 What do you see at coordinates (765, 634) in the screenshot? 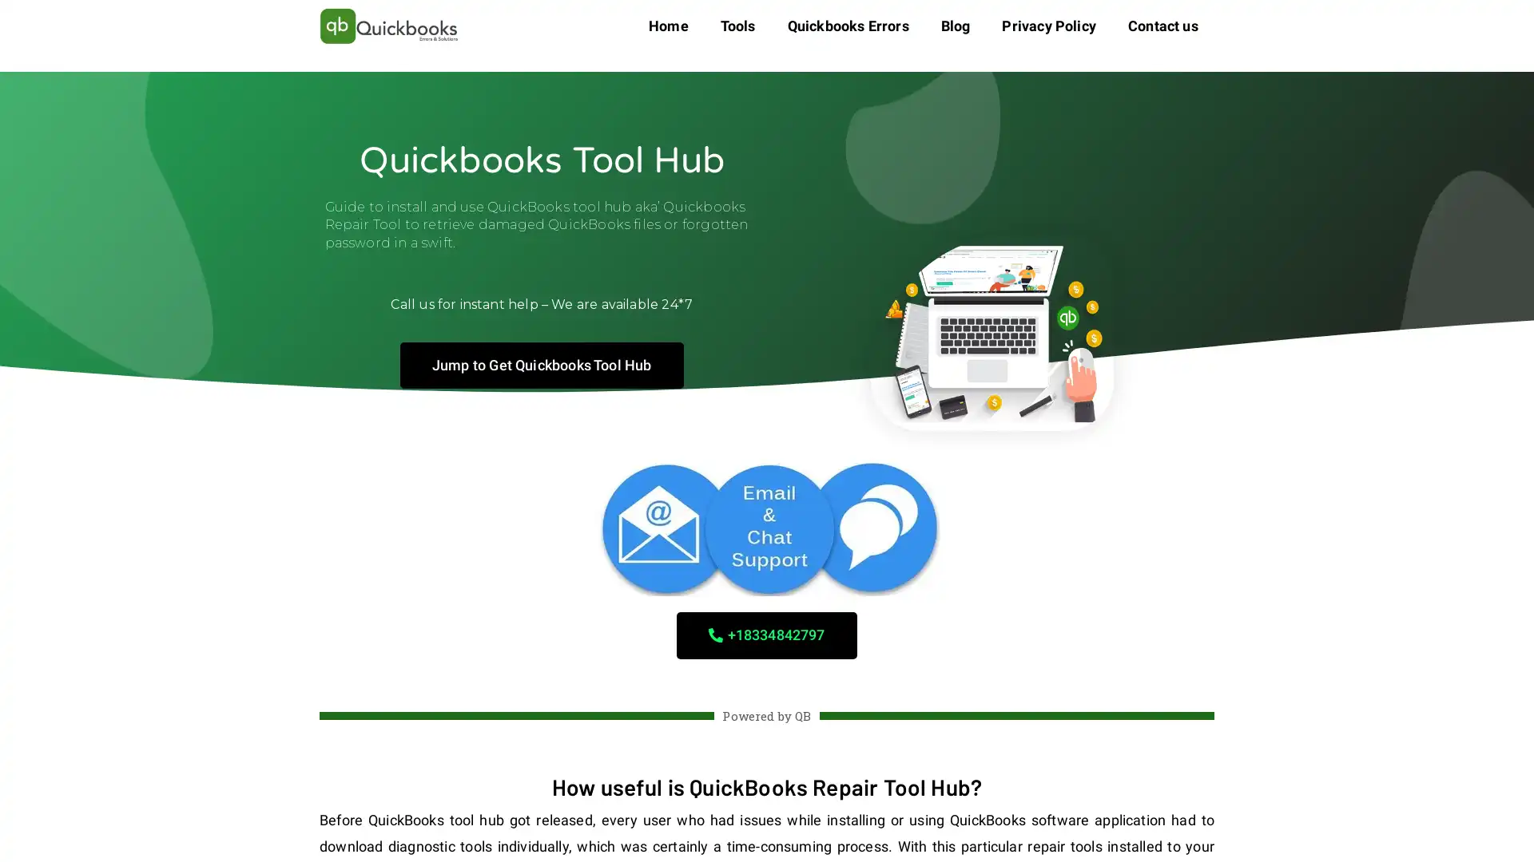
I see `+18334842797` at bounding box center [765, 634].